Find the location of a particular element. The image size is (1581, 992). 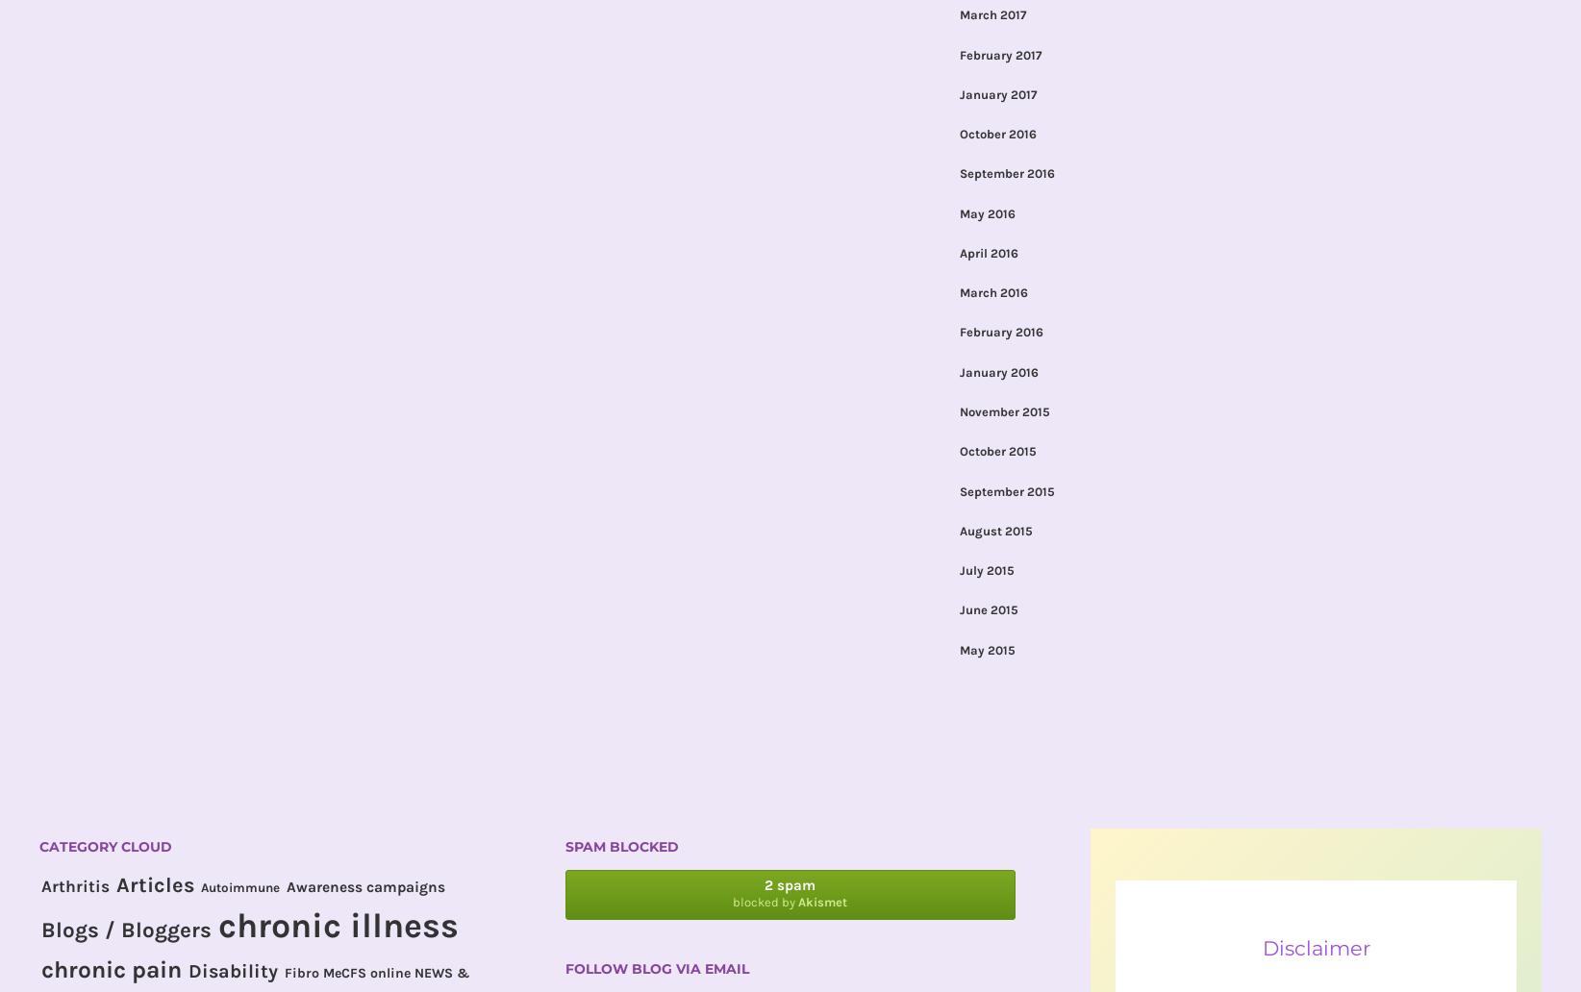

'March 2016' is located at coordinates (992, 292).